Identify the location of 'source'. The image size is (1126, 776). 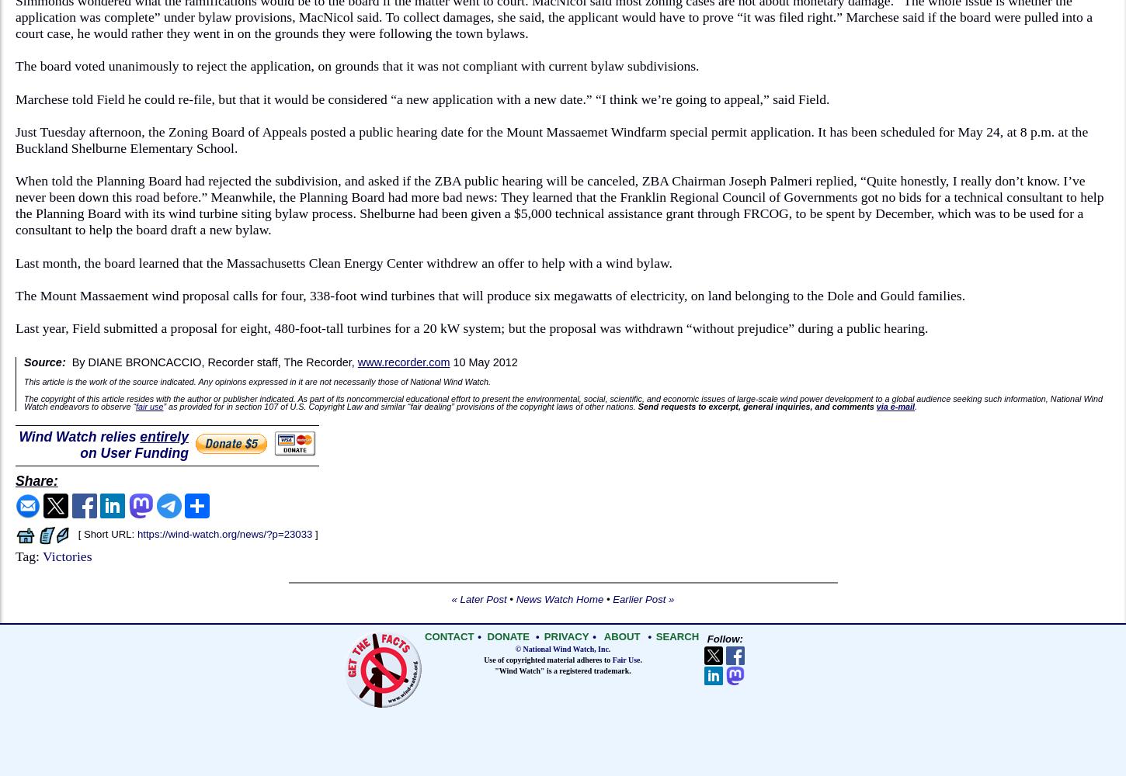
(144, 380).